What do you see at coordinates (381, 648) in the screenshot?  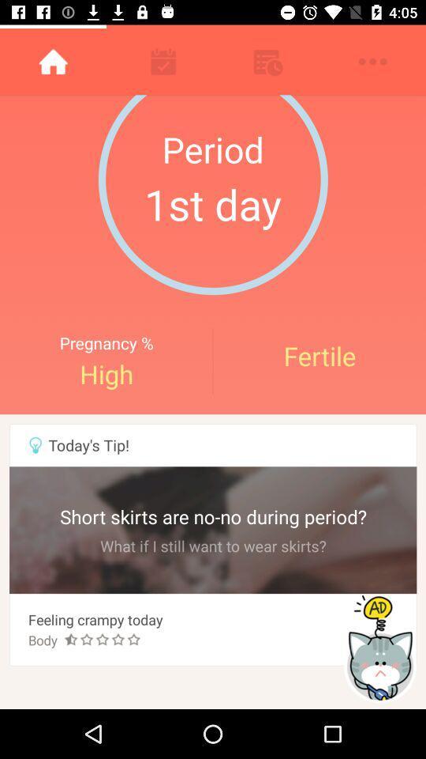 I see `advertisement` at bounding box center [381, 648].